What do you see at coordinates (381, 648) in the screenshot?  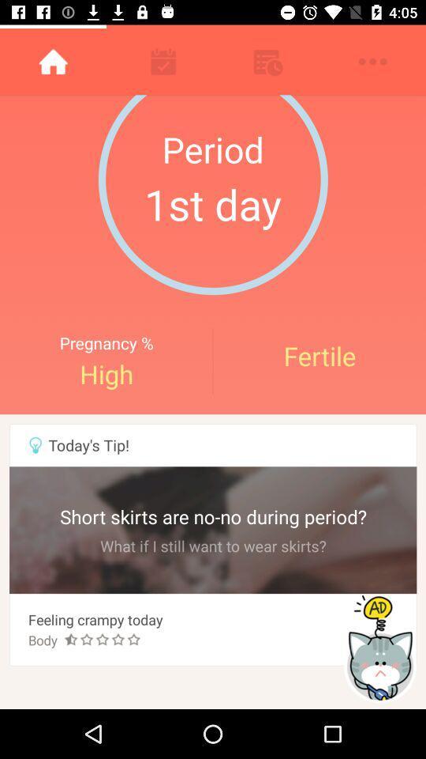 I see `advertisement` at bounding box center [381, 648].